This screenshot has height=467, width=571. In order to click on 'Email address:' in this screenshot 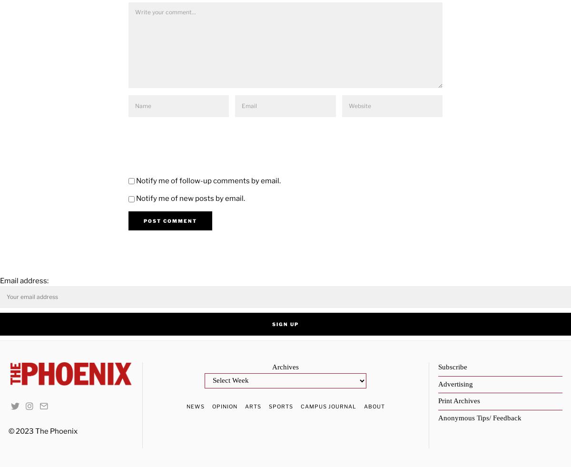, I will do `click(24, 280)`.